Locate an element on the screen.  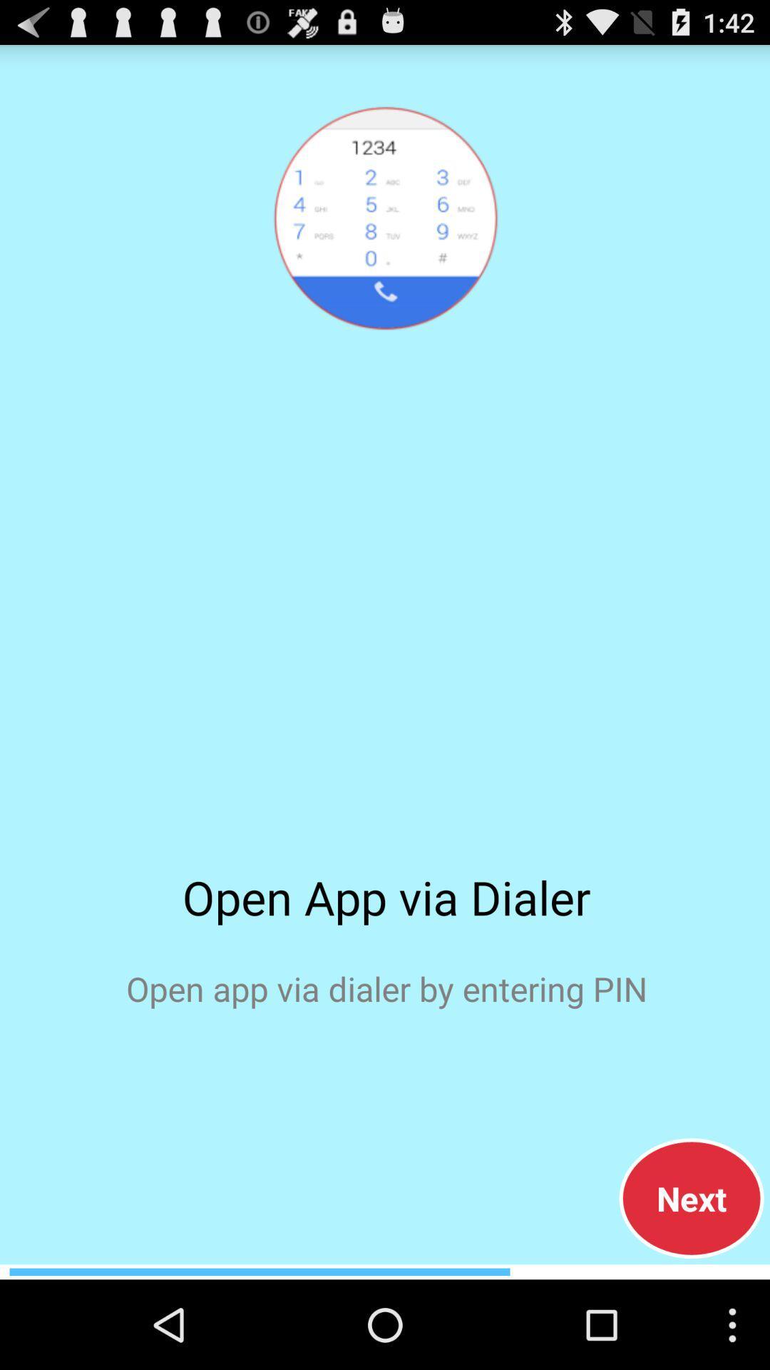
the next item is located at coordinates (691, 1198).